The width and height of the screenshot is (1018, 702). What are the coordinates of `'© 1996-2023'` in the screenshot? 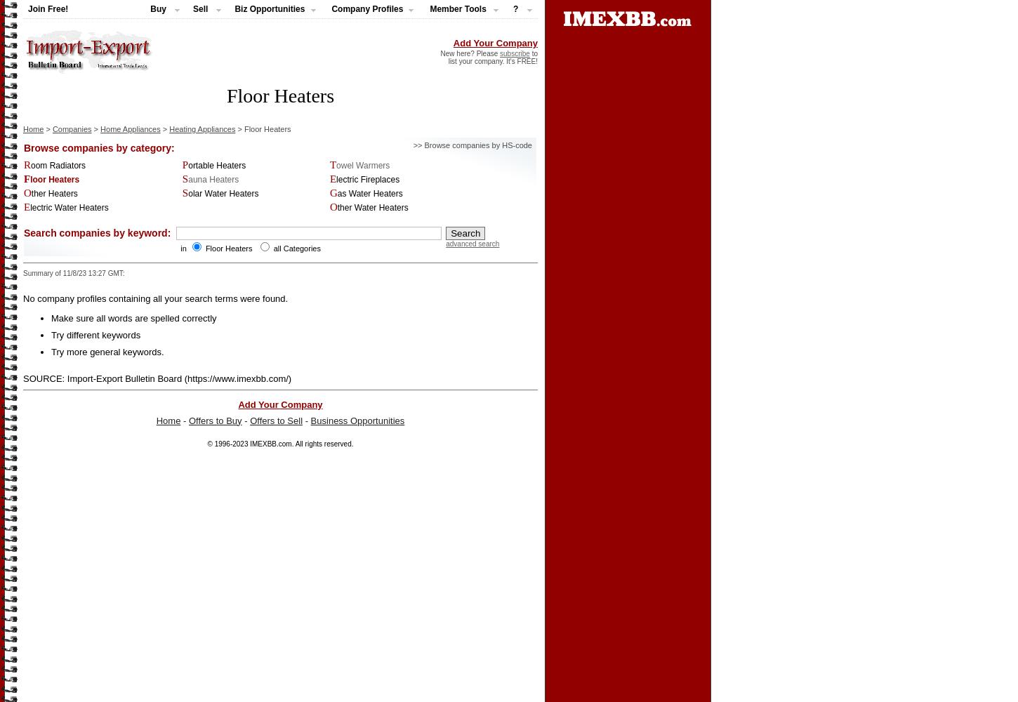 It's located at (228, 443).